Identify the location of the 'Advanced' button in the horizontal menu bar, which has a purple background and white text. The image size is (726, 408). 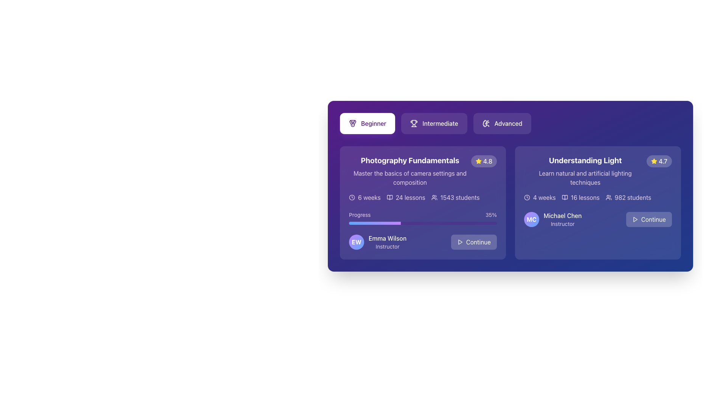
(510, 123).